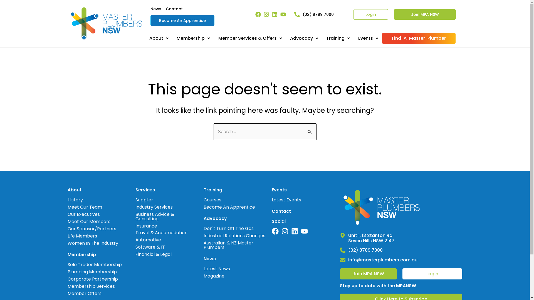 Image resolution: width=534 pixels, height=300 pixels. Describe the element at coordinates (286, 200) in the screenshot. I see `'Latest Events'` at that location.